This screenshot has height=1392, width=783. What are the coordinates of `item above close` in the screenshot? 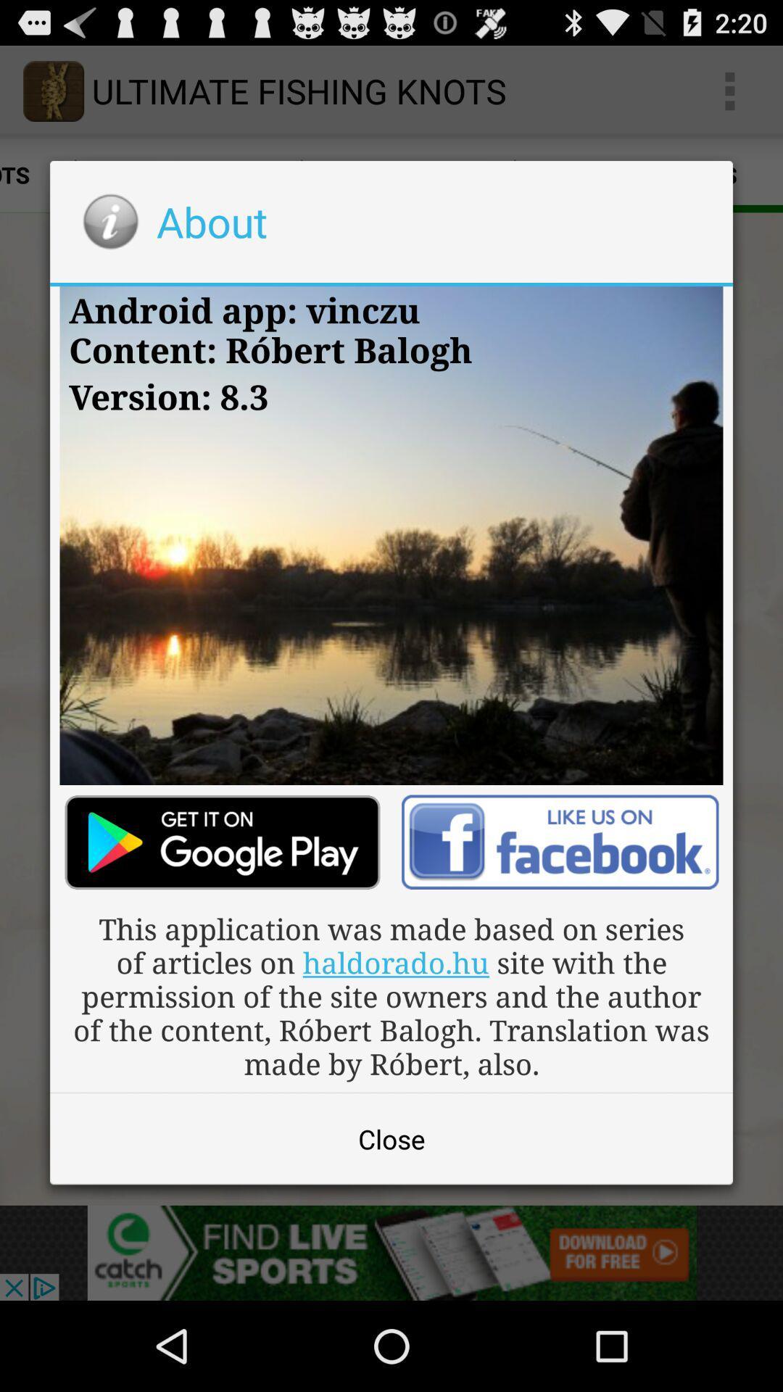 It's located at (391, 995).